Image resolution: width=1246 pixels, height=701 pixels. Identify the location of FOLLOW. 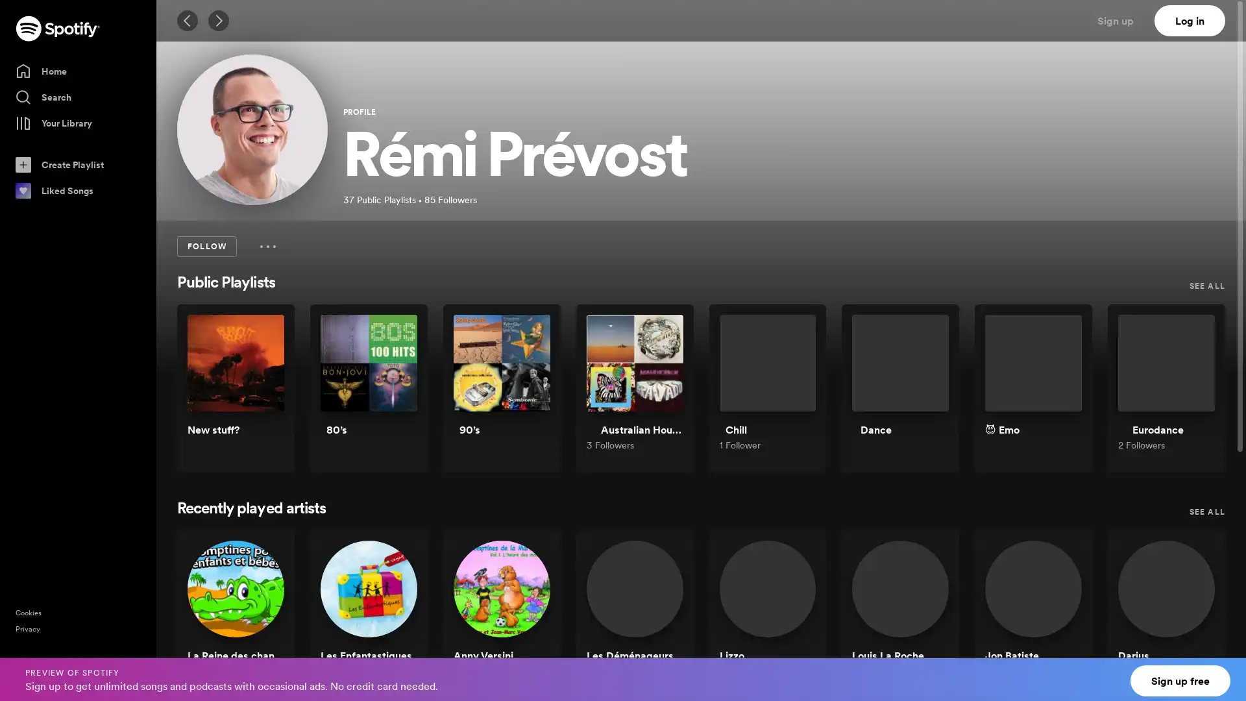
(206, 247).